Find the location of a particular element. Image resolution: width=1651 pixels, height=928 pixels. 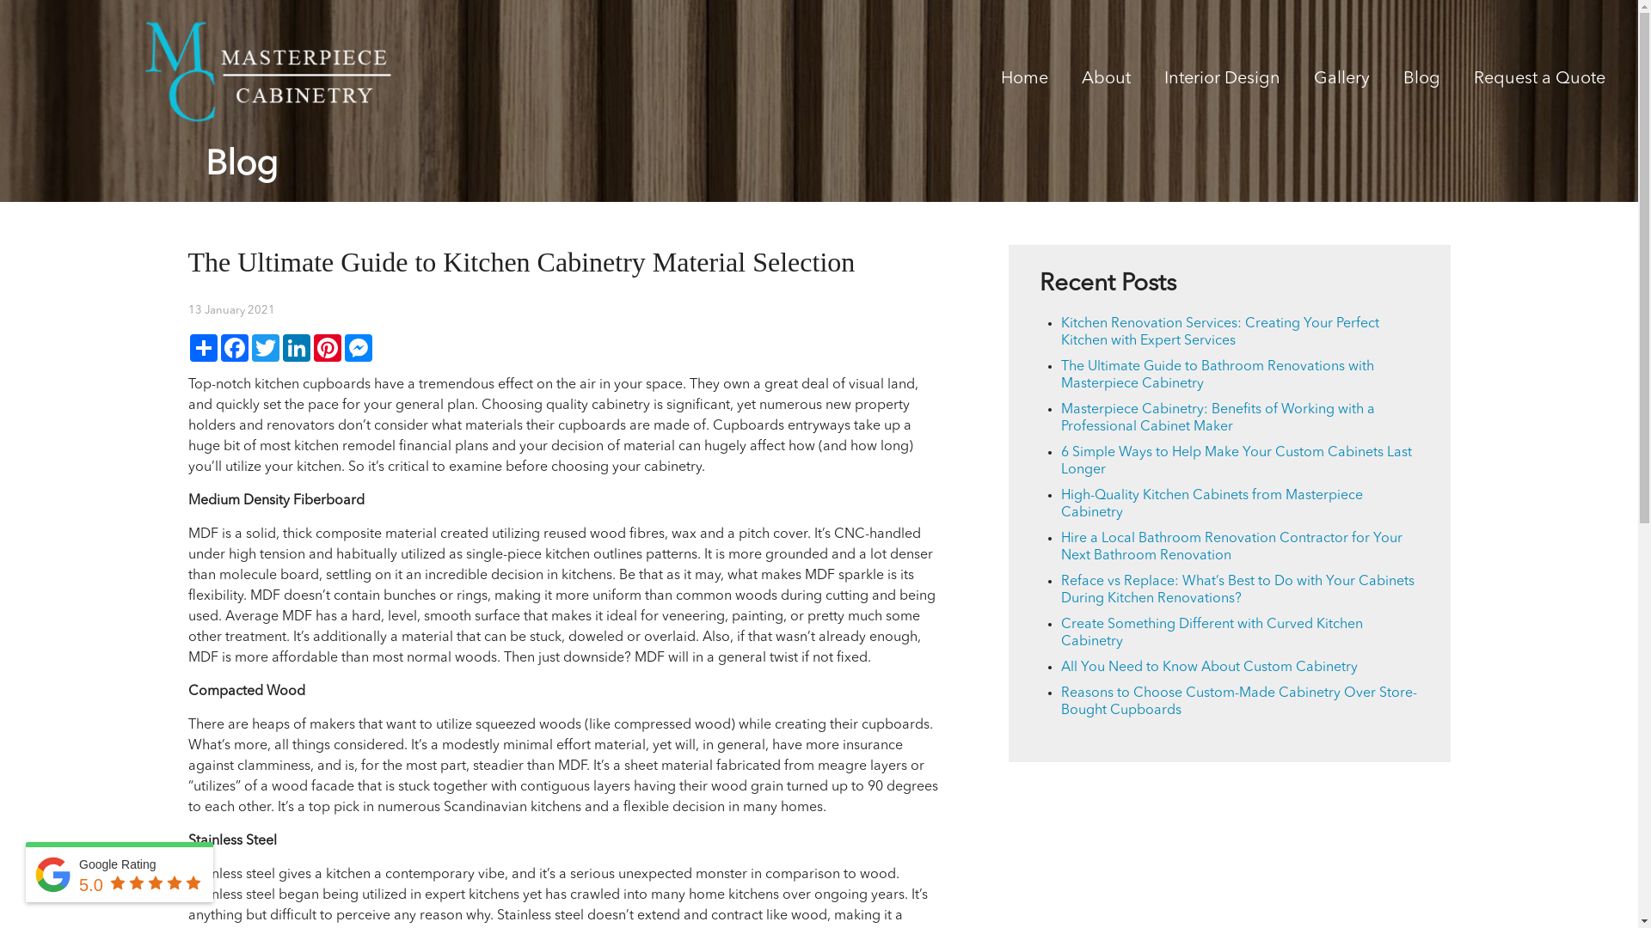

'Request a Quote' is located at coordinates (1472, 82).